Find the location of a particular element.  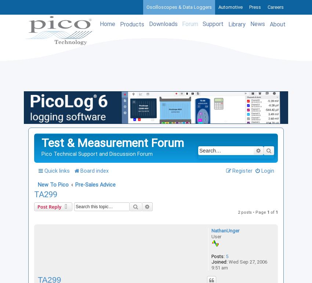

'Forum' is located at coordinates (189, 24).